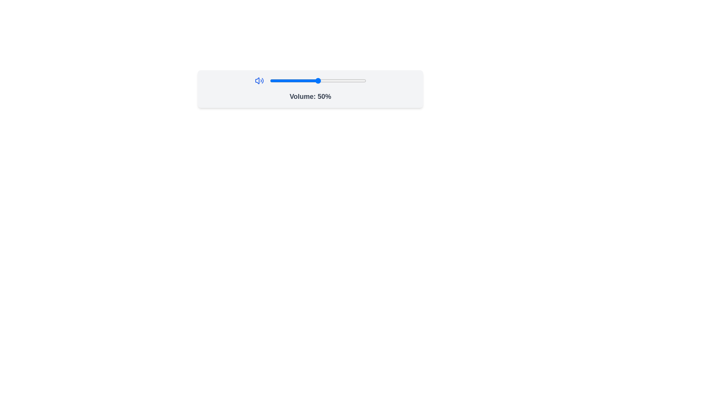 The image size is (722, 406). Describe the element at coordinates (262, 81) in the screenshot. I see `the blue curved arc element of the speaker icon, which represents sound waves and is the outermost arc among three wave-like curves` at that location.